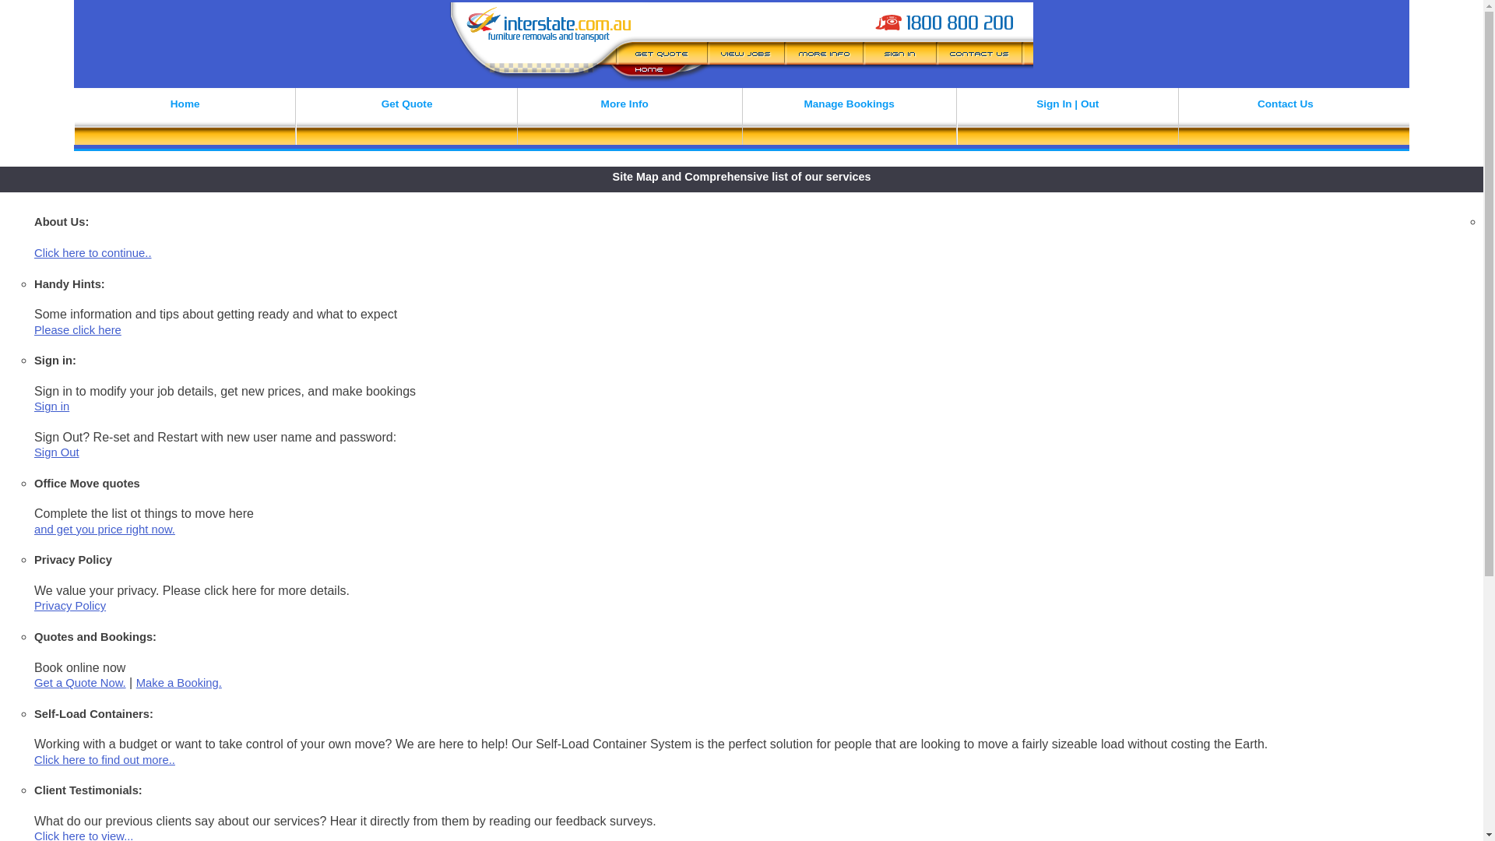 The height and width of the screenshot is (841, 1495). What do you see at coordinates (104, 758) in the screenshot?
I see `'Click here to find out more..'` at bounding box center [104, 758].